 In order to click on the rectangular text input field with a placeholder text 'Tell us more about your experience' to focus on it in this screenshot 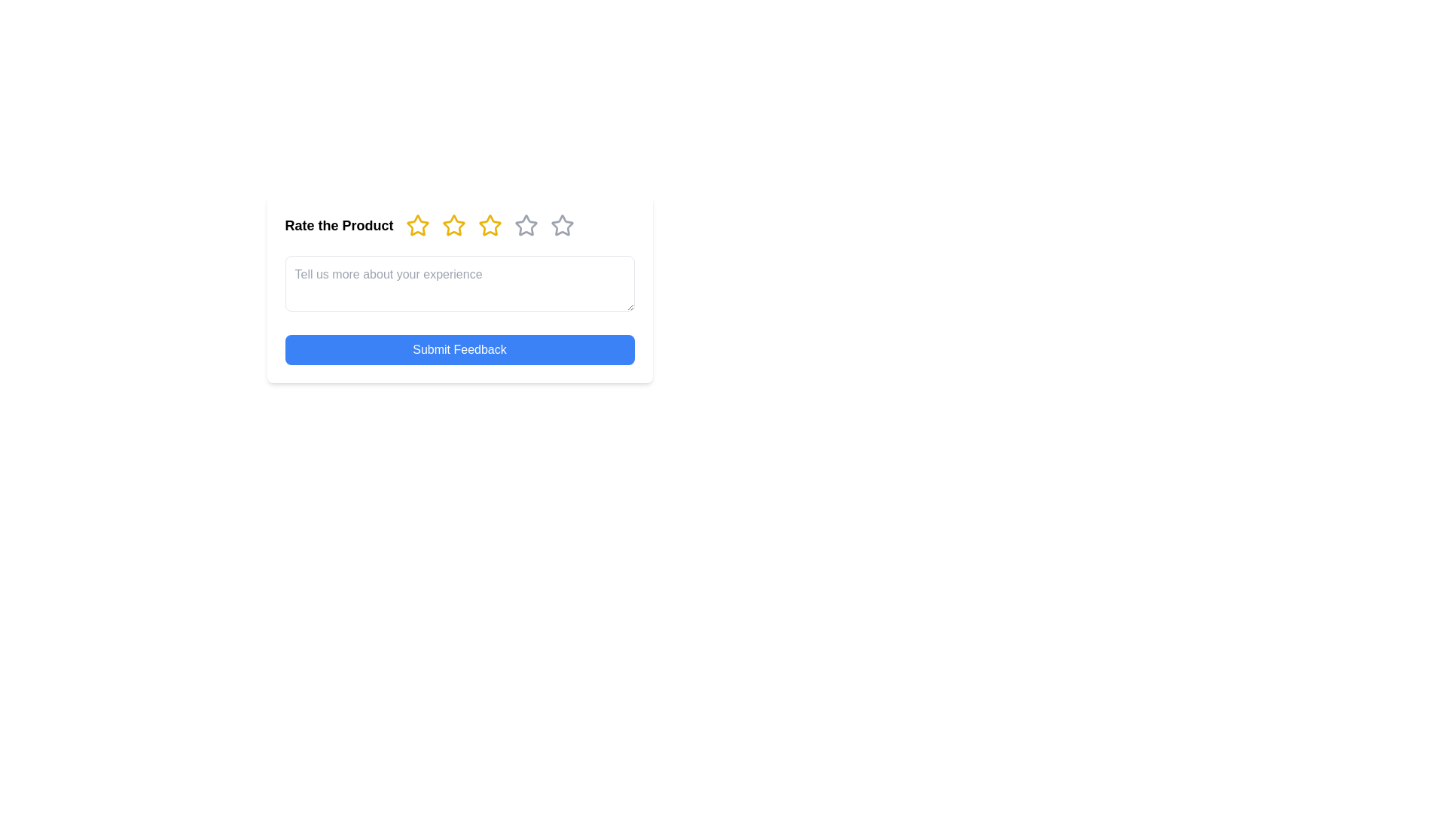, I will do `click(459, 284)`.